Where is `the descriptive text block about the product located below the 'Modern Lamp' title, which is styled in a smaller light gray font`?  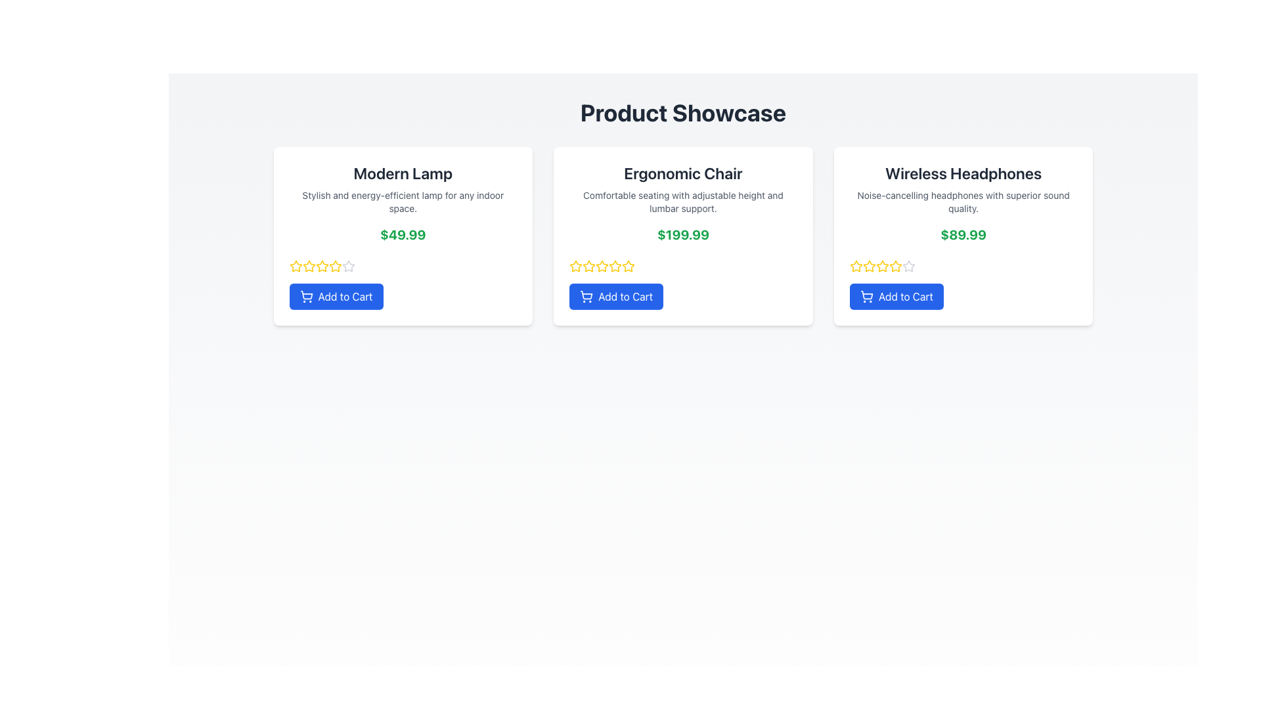 the descriptive text block about the product located below the 'Modern Lamp' title, which is styled in a smaller light gray font is located at coordinates (402, 202).